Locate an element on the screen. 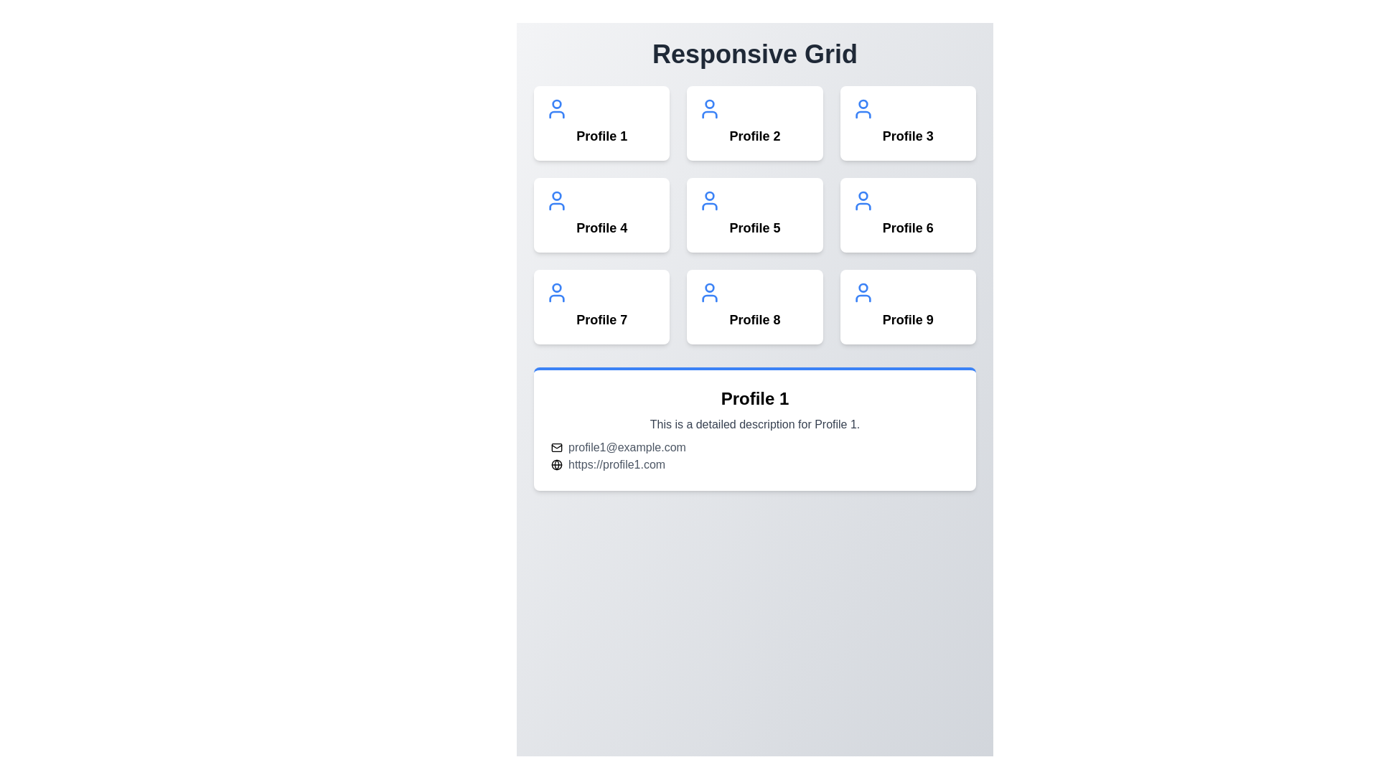  the email icon styled as an envelope located to the left of the text 'profile1@example.com' in the details section of 'Profile 1' is located at coordinates (556, 447).